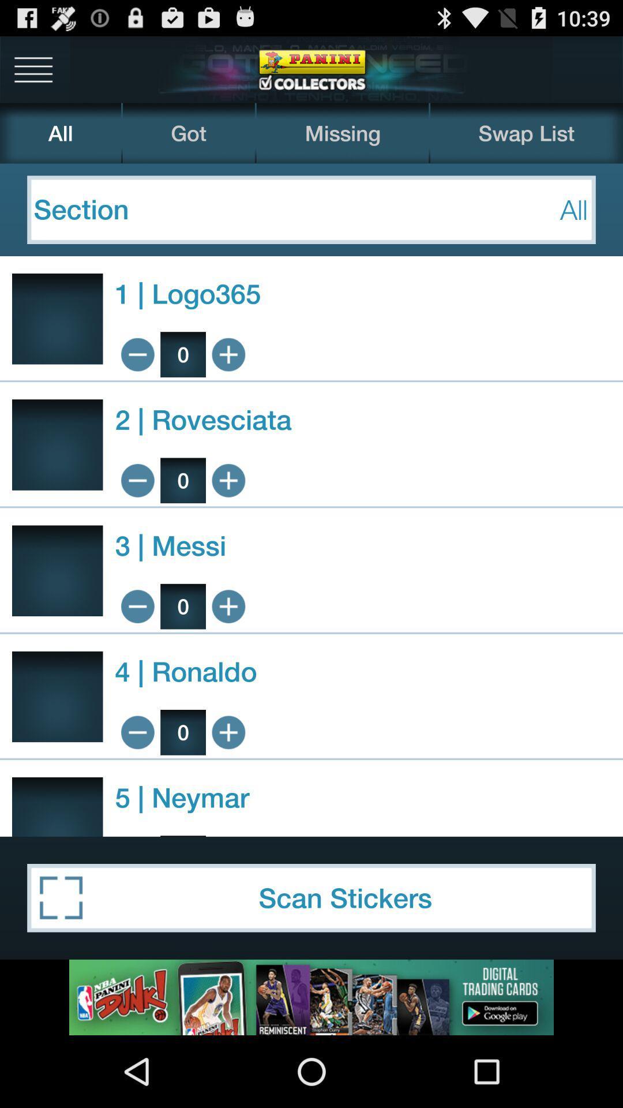 This screenshot has height=1108, width=623. What do you see at coordinates (228, 480) in the screenshot?
I see `sticker` at bounding box center [228, 480].